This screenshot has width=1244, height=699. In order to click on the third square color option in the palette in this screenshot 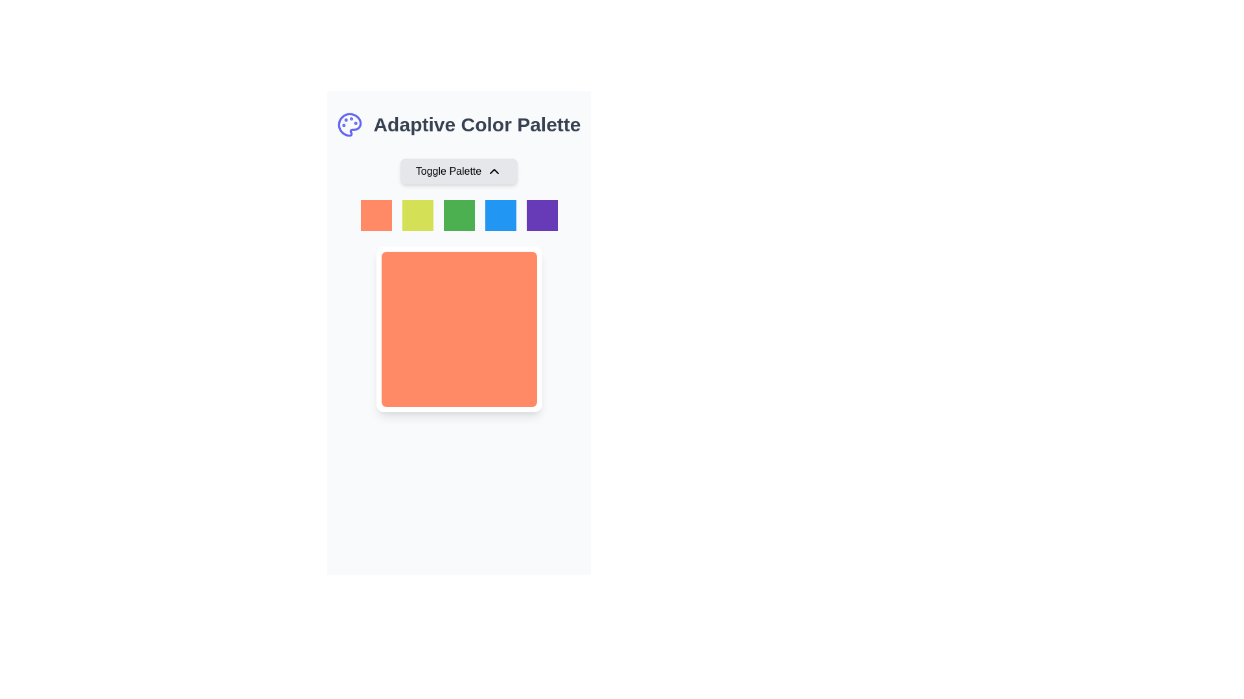, I will do `click(459, 214)`.